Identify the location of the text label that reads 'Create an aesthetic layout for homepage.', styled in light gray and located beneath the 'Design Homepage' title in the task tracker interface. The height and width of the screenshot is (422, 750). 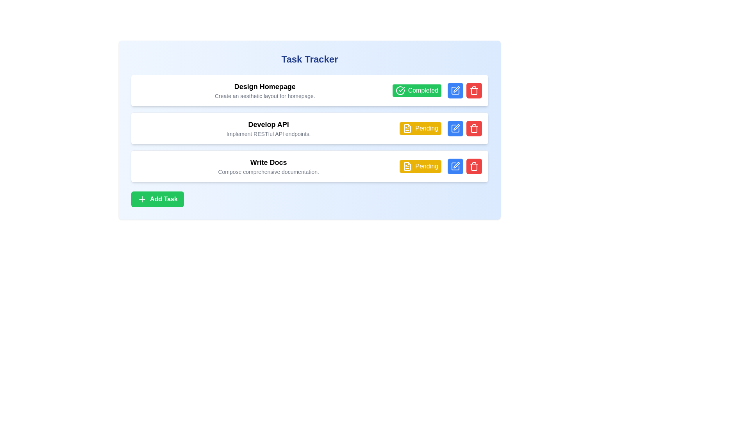
(265, 96).